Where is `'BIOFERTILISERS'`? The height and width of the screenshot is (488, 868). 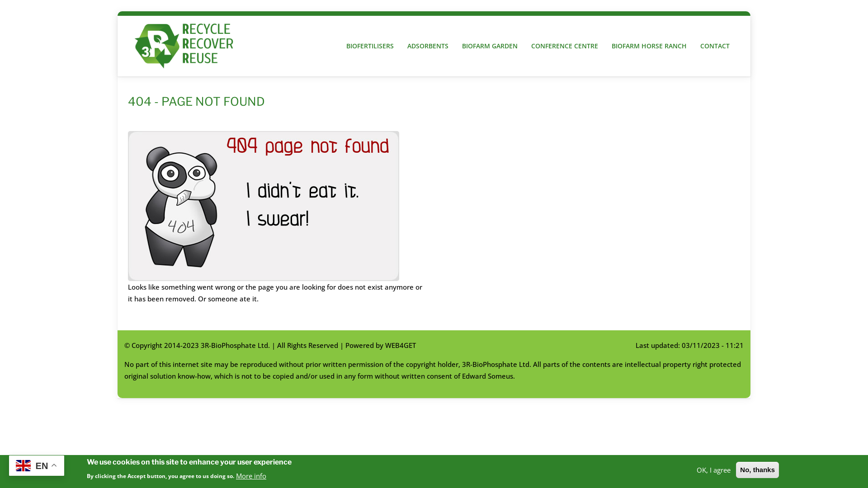
'BIOFERTILISERS' is located at coordinates (339, 46).